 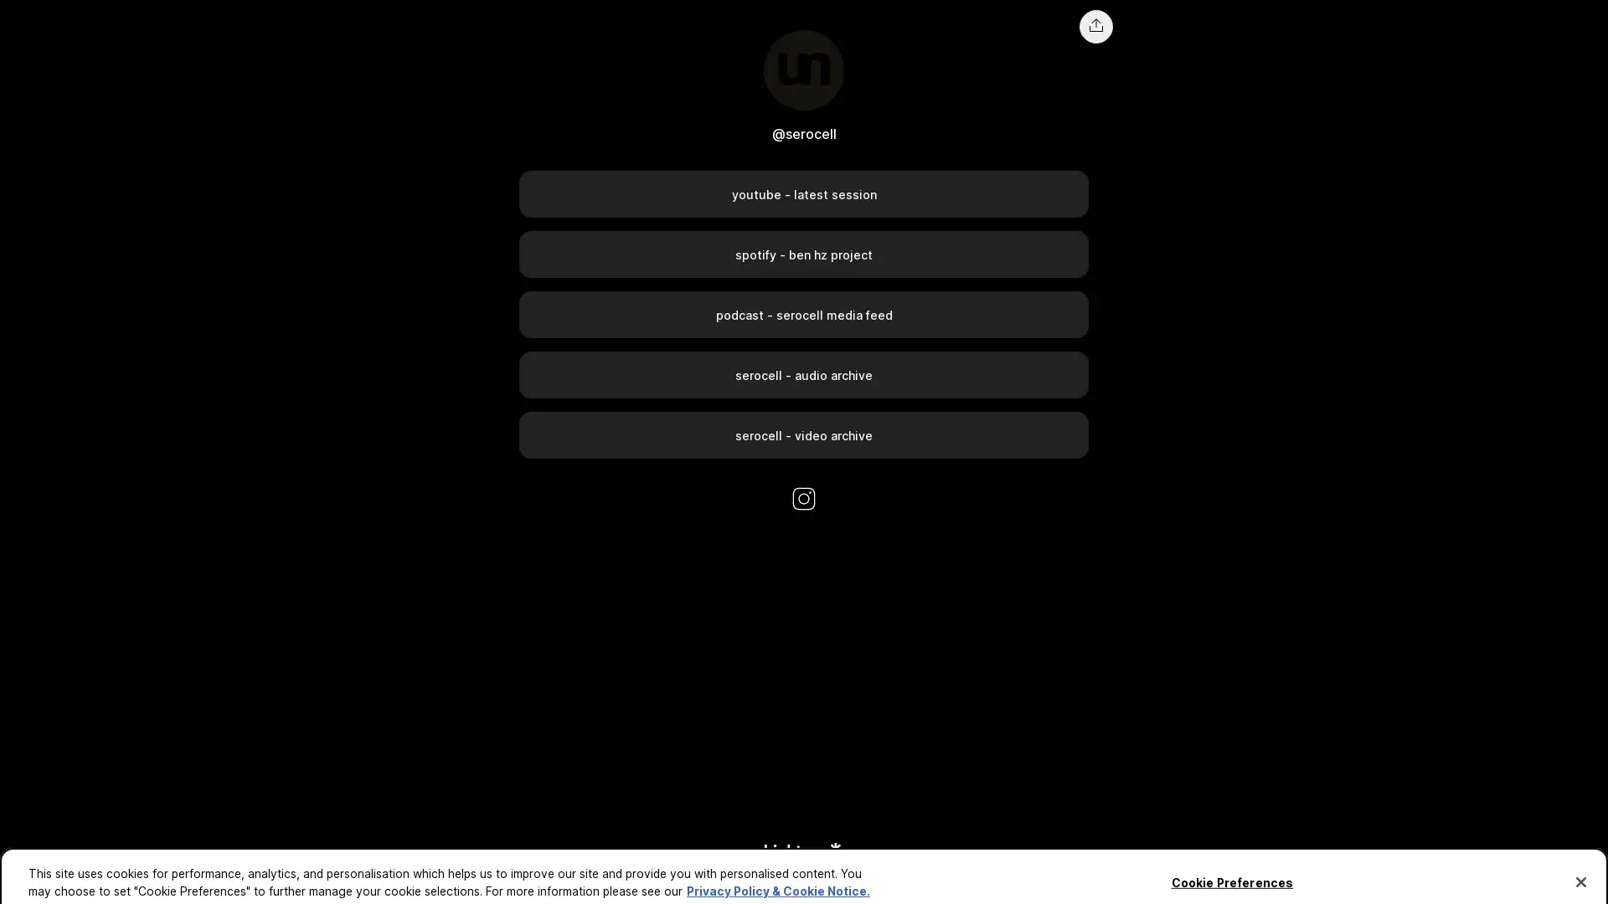 I want to click on Close, so click(x=1580, y=865).